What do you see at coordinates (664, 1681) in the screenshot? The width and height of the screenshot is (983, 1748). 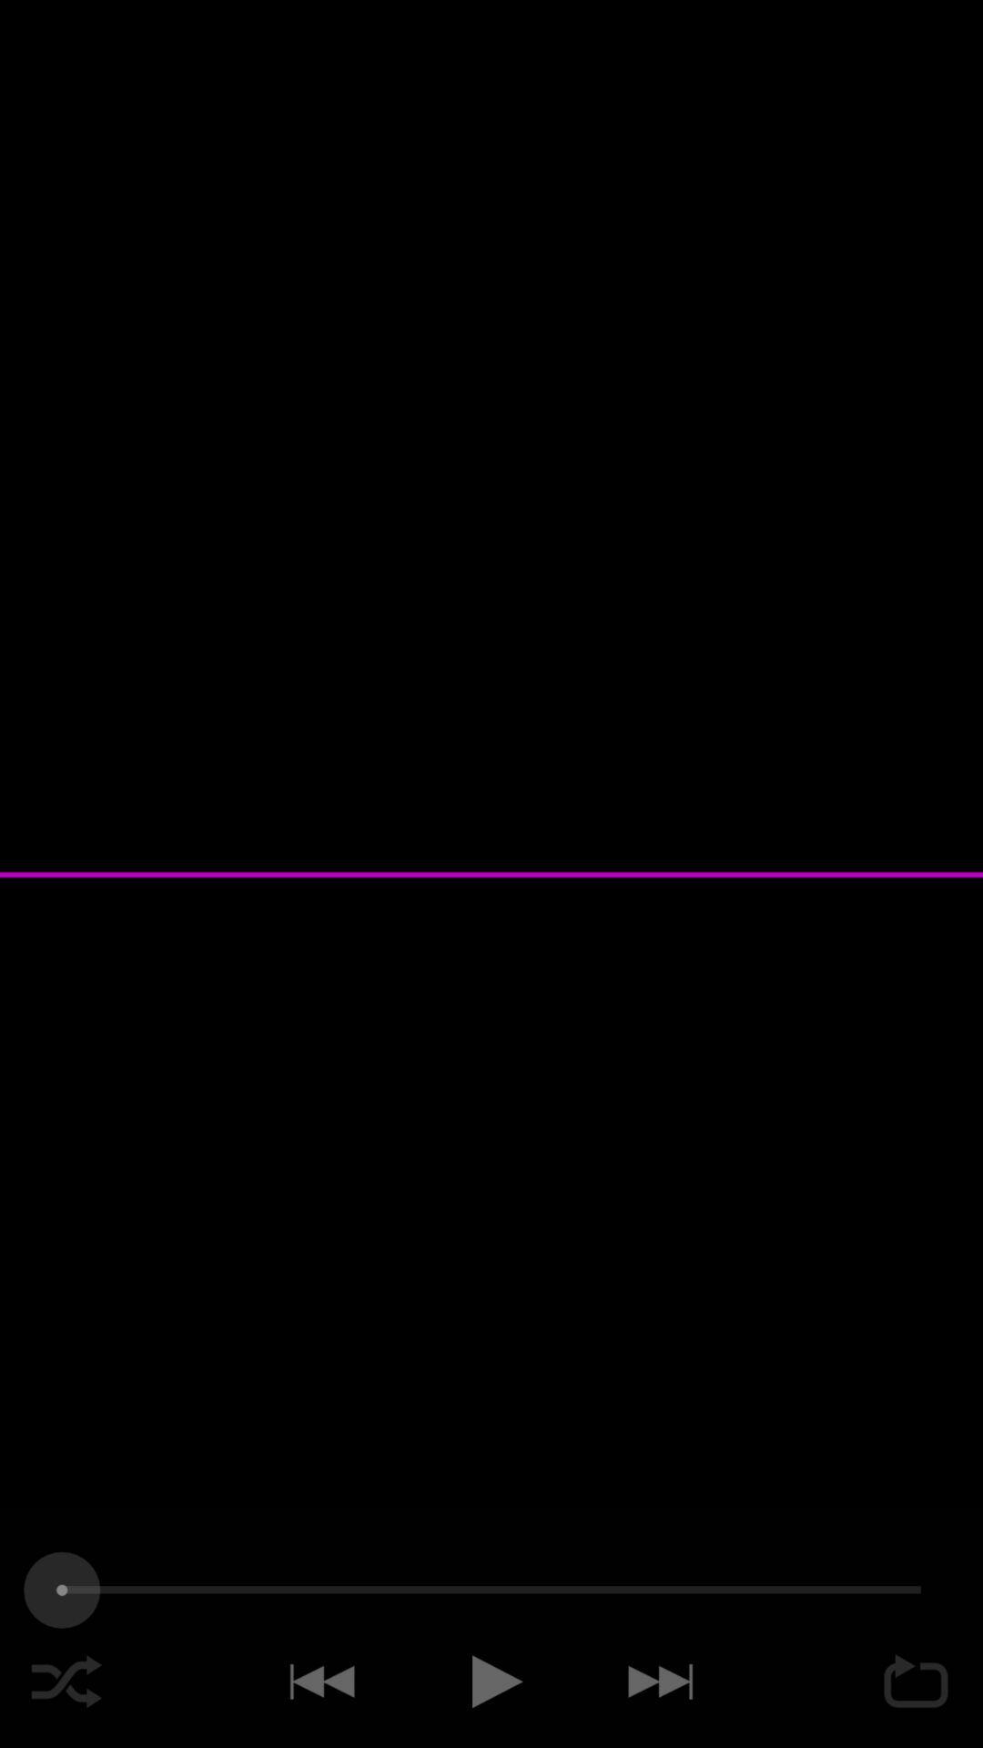 I see `the av_forward icon` at bounding box center [664, 1681].